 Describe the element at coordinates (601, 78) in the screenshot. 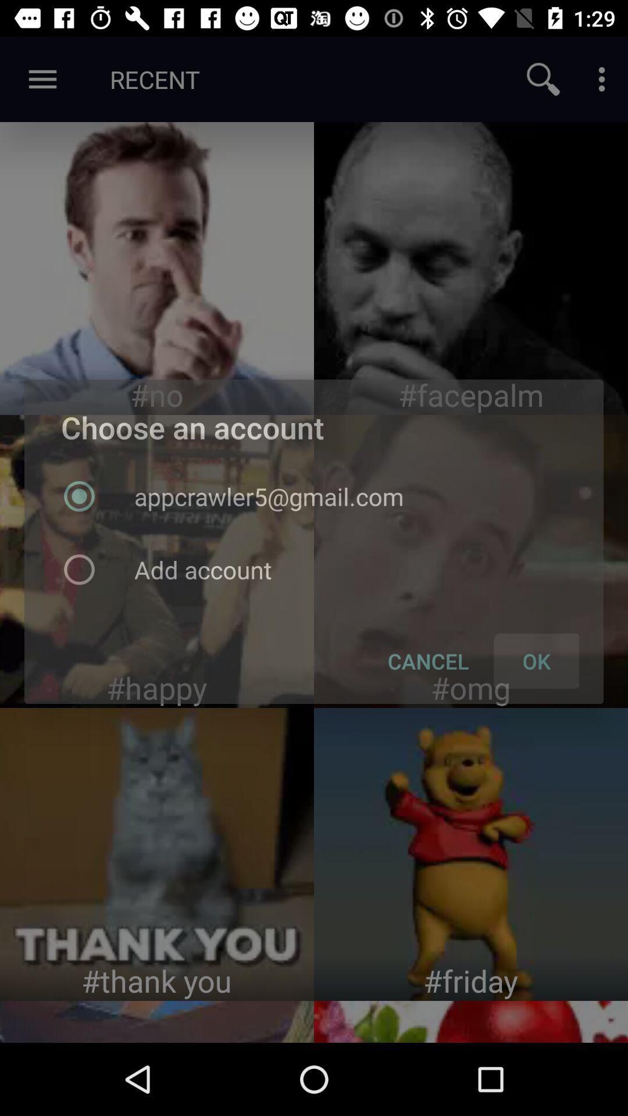

I see `options` at that location.